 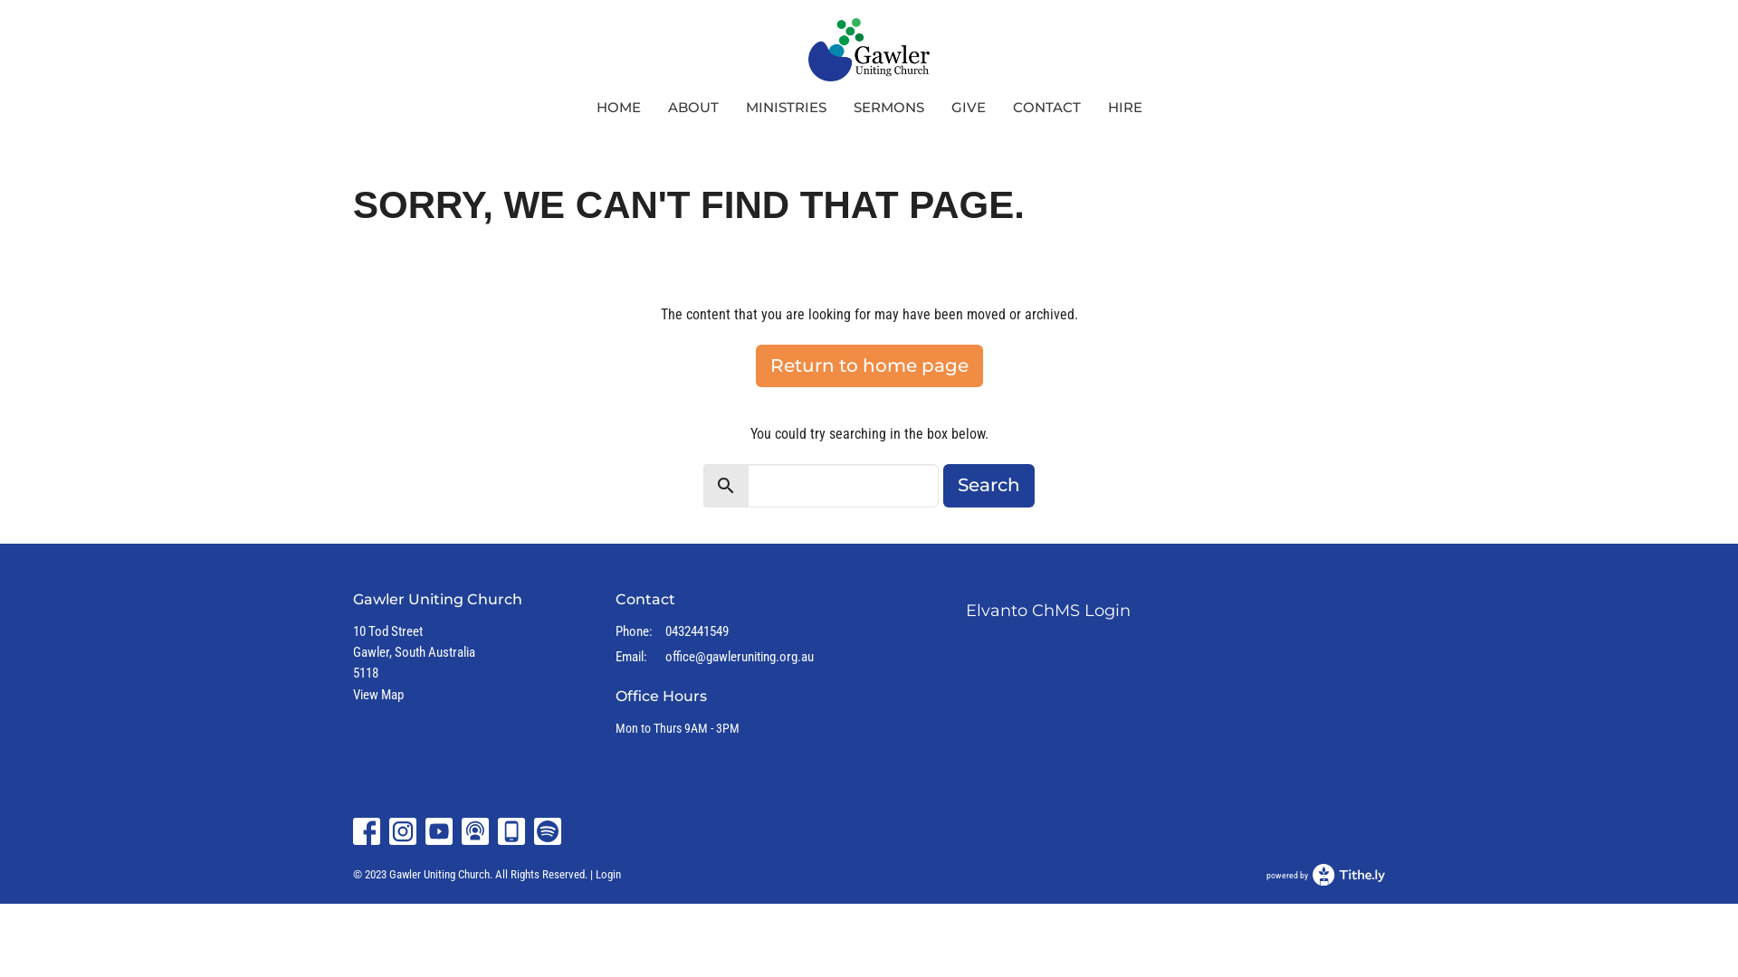 I want to click on 'HOME', so click(x=617, y=107).